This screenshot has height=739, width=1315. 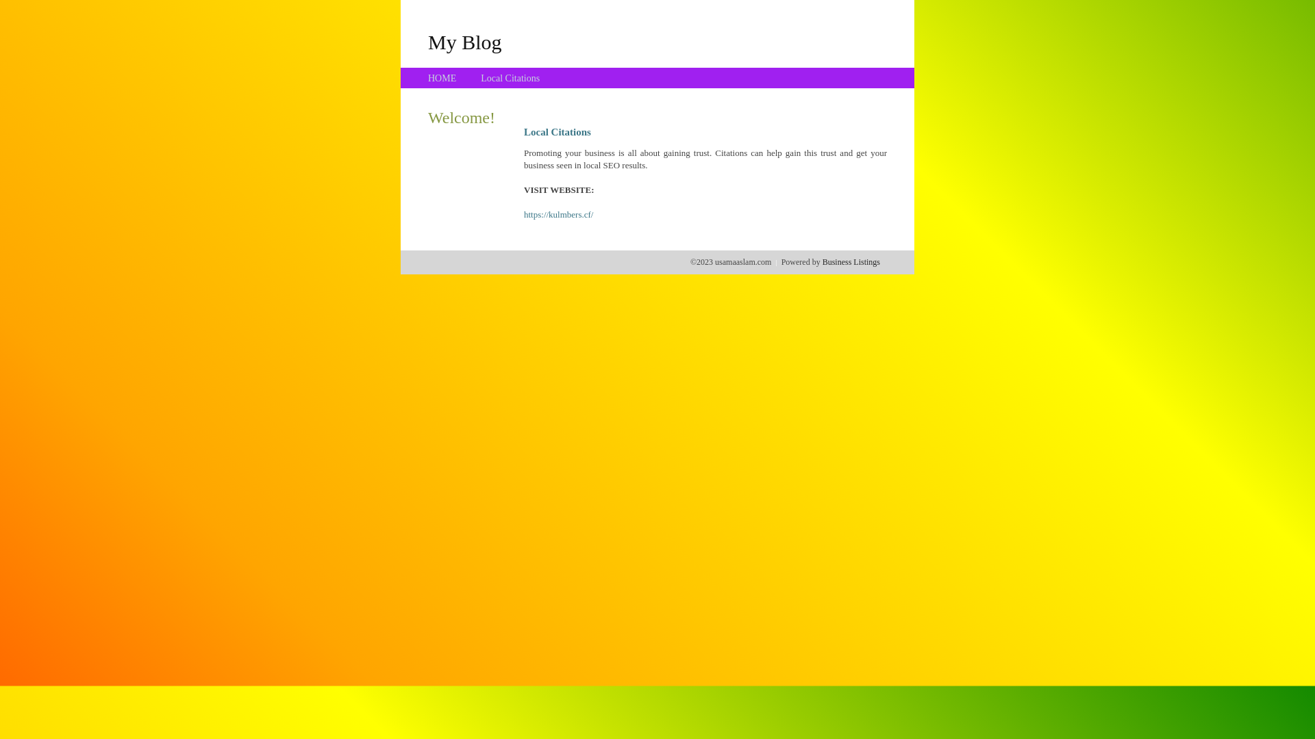 What do you see at coordinates (851, 261) in the screenshot?
I see `'Business Listings'` at bounding box center [851, 261].